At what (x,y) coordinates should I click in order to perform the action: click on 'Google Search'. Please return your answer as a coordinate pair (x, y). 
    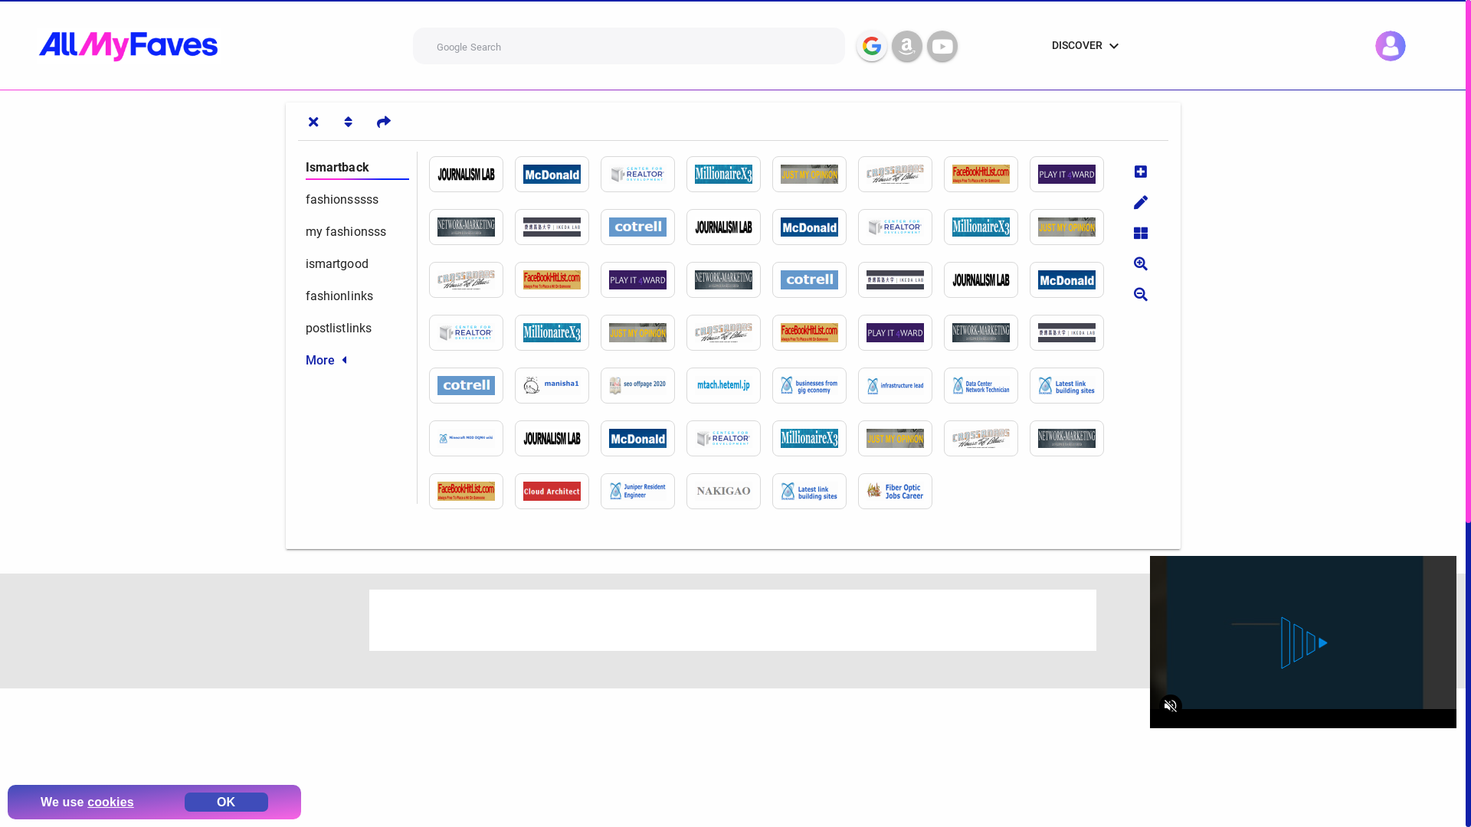
    Looking at the image, I should click on (871, 45).